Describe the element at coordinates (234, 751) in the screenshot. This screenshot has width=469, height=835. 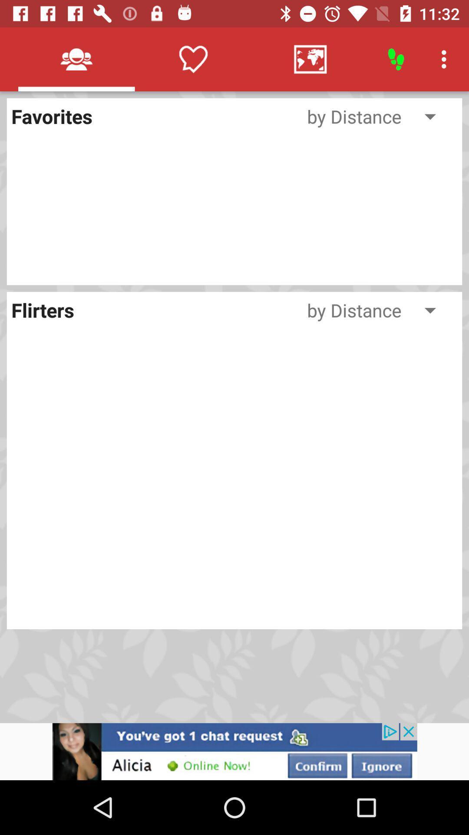
I see `advertisement banner` at that location.